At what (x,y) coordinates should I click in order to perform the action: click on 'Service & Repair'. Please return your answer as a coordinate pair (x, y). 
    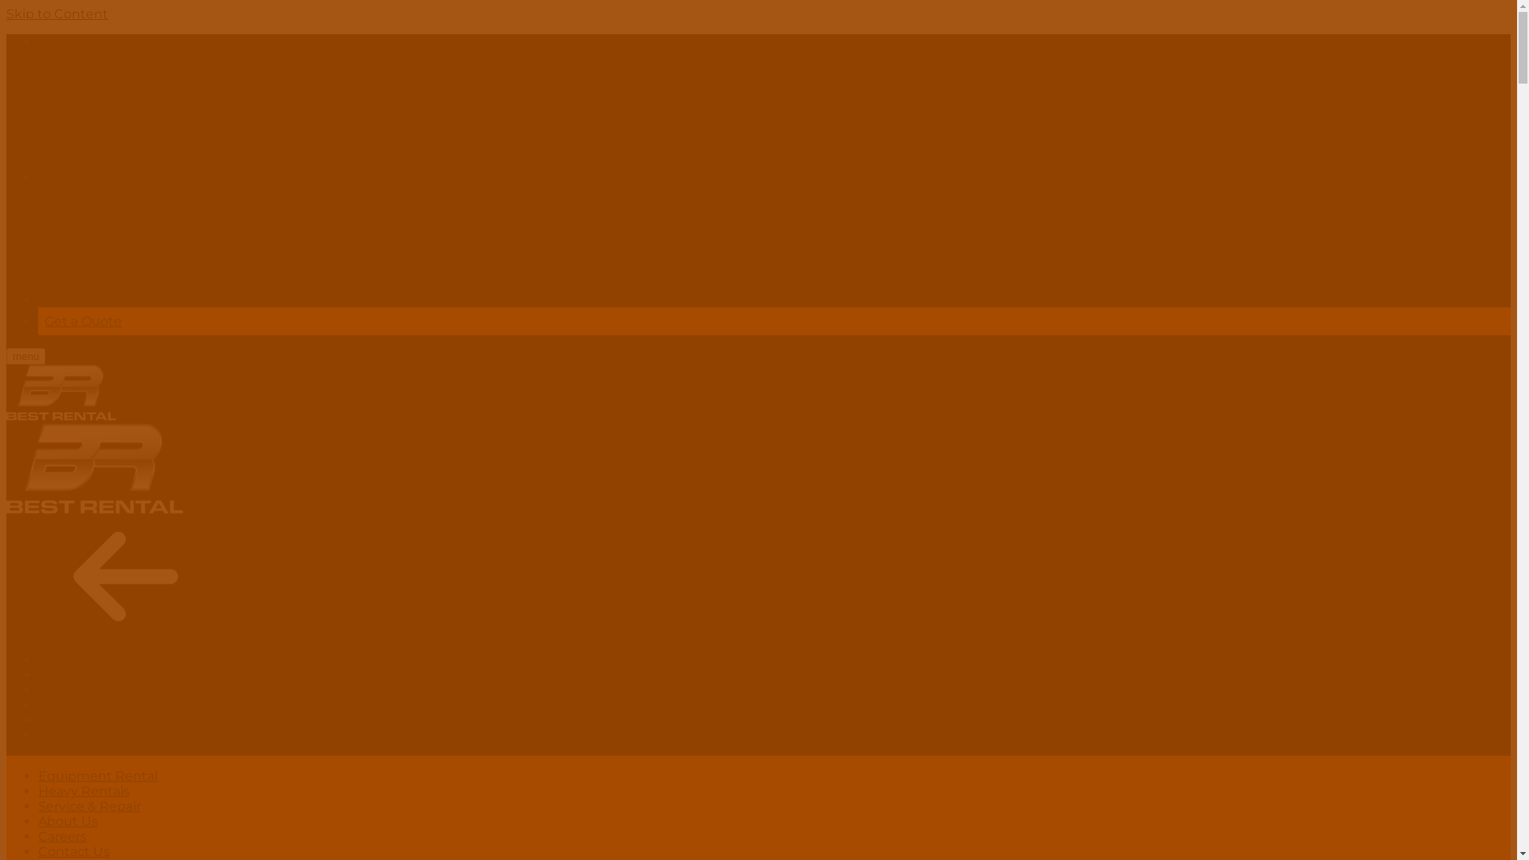
    Looking at the image, I should click on (88, 806).